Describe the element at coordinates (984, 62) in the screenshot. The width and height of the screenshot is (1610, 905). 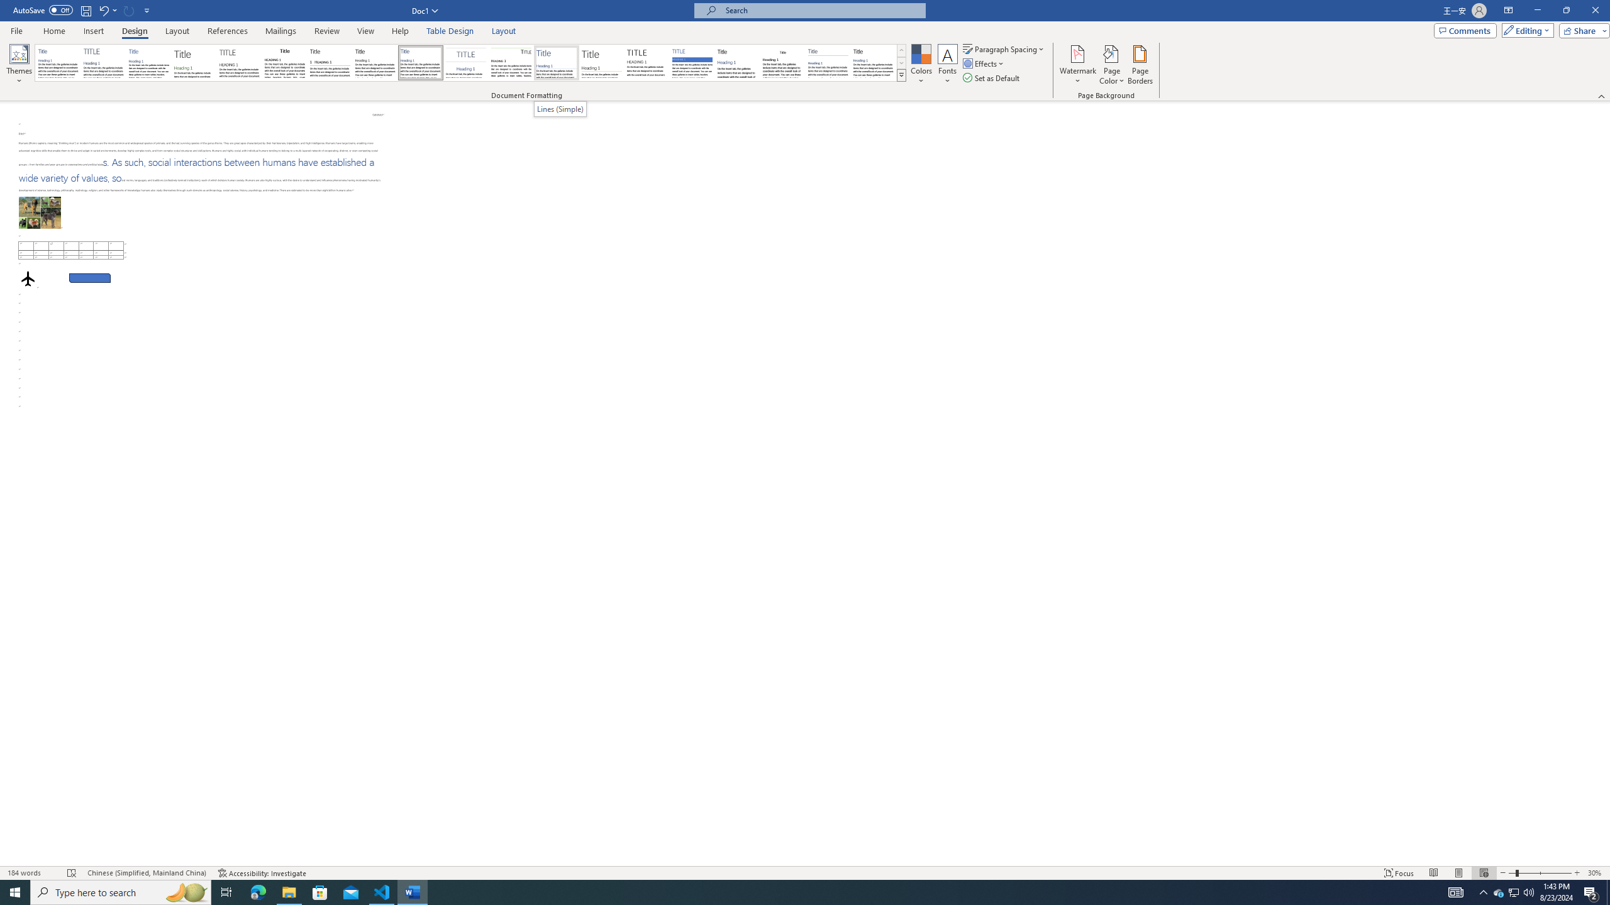
I see `'Effects'` at that location.